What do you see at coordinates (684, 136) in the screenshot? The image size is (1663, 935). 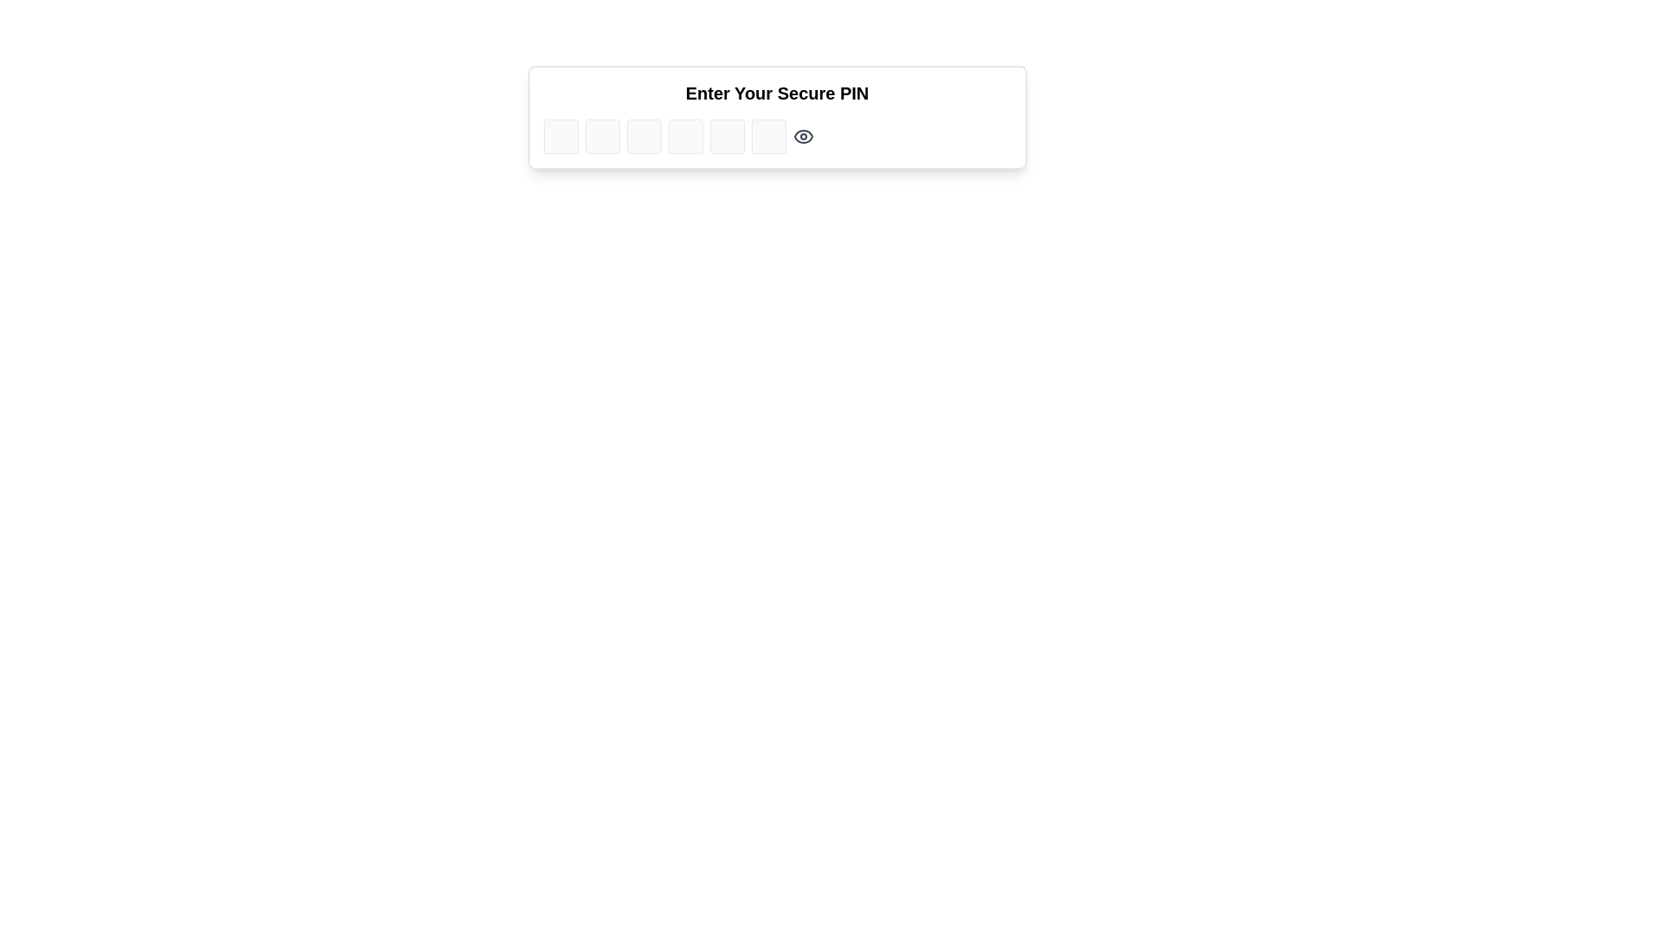 I see `the fourth password input field in the horizontal sequence of six input fields to focus on it` at bounding box center [684, 136].